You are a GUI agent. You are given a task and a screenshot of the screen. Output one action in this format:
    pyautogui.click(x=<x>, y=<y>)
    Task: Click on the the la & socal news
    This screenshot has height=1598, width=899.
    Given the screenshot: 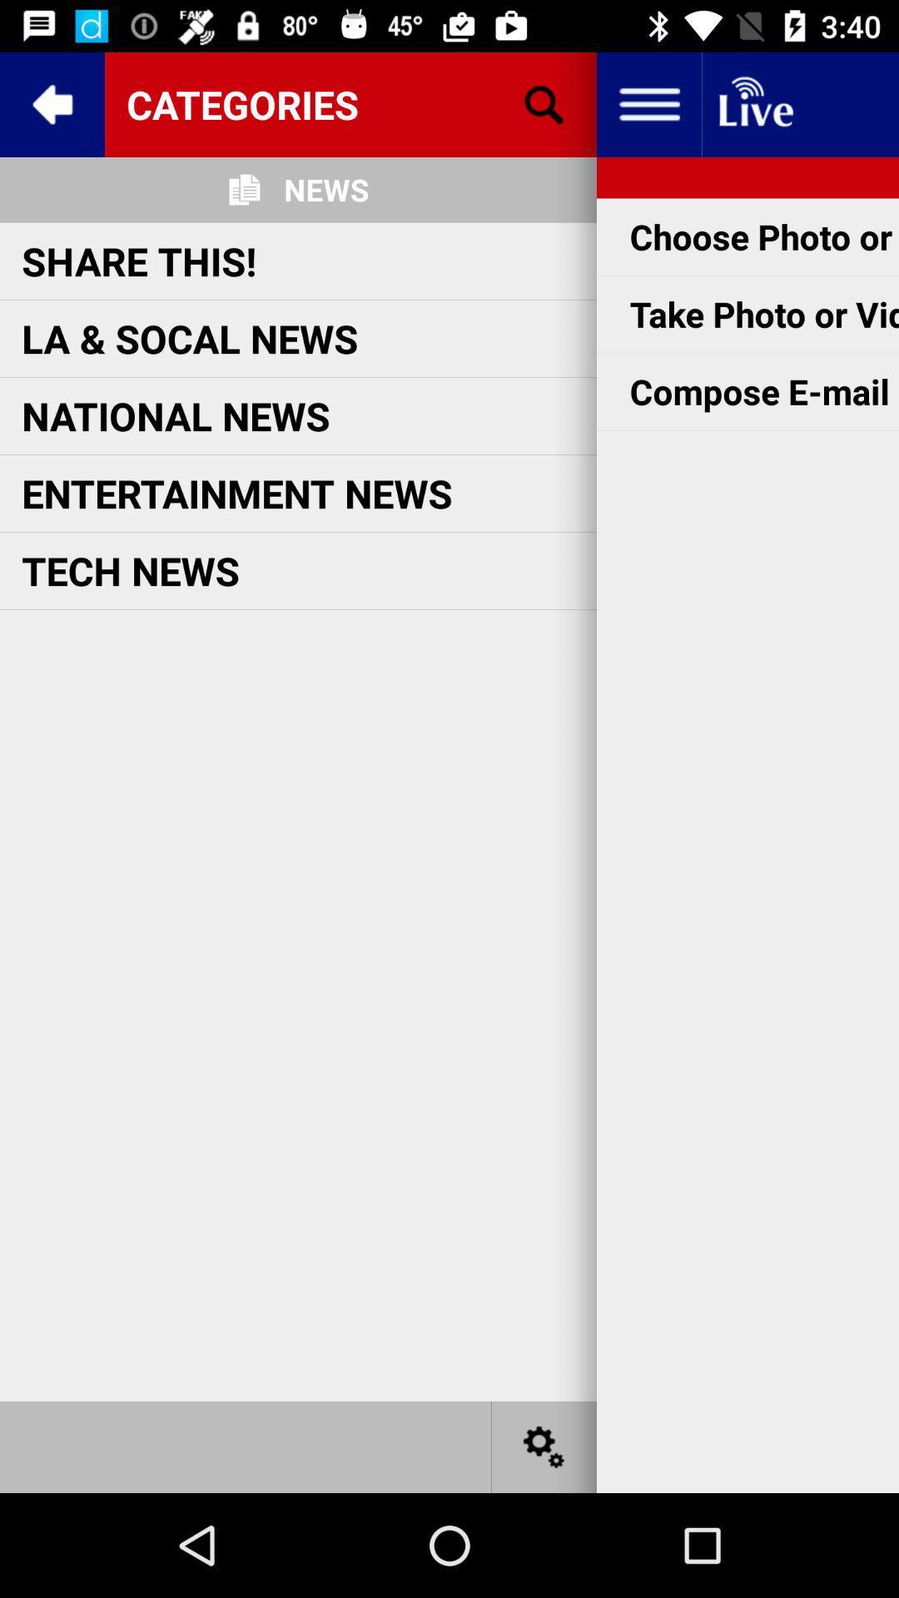 What is the action you would take?
    pyautogui.click(x=189, y=337)
    